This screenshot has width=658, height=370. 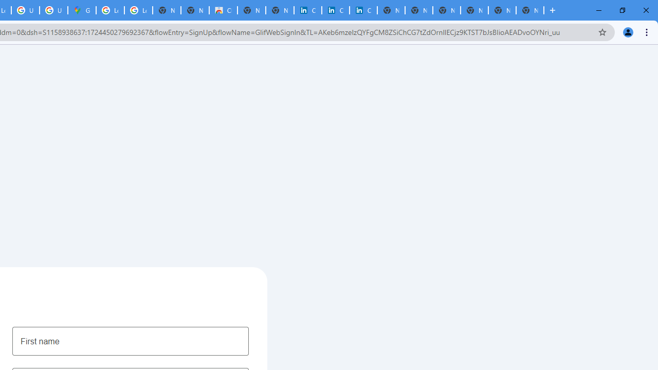 I want to click on 'Chrome Web Store', so click(x=223, y=10).